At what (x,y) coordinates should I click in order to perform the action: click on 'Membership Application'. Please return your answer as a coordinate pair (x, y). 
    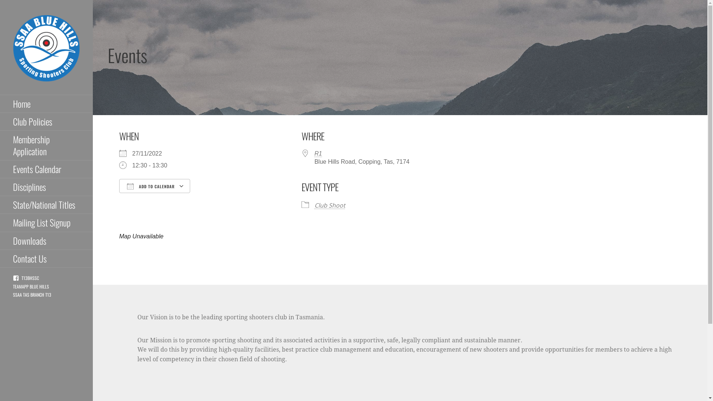
    Looking at the image, I should click on (46, 145).